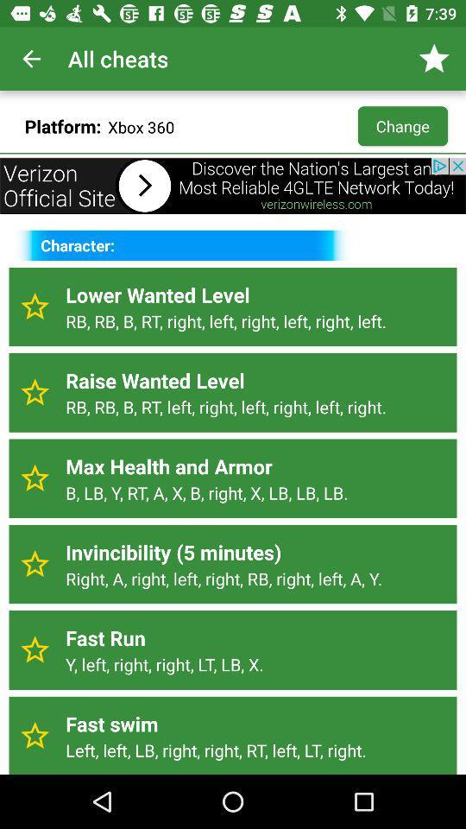 Image resolution: width=466 pixels, height=829 pixels. What do you see at coordinates (233, 186) in the screenshot?
I see `advertising bar` at bounding box center [233, 186].